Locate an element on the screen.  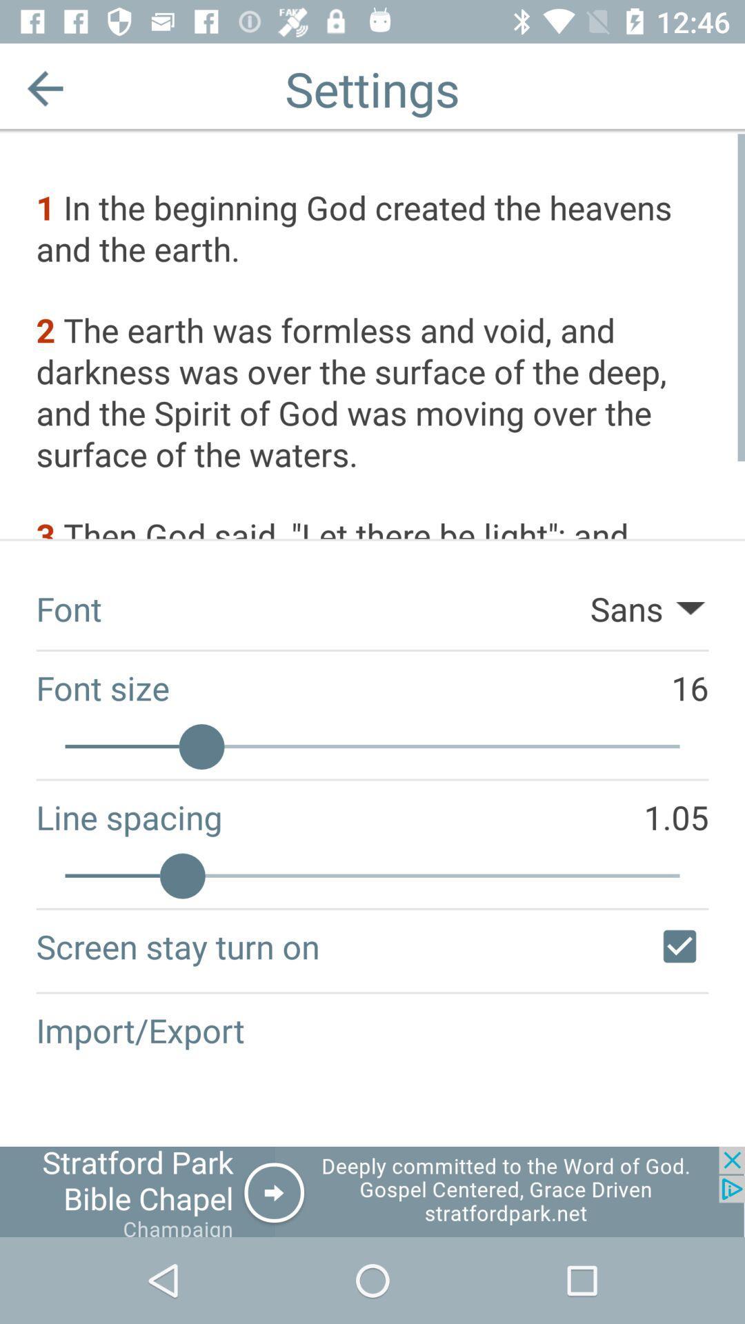
visit the advertisement site is located at coordinates (372, 1191).